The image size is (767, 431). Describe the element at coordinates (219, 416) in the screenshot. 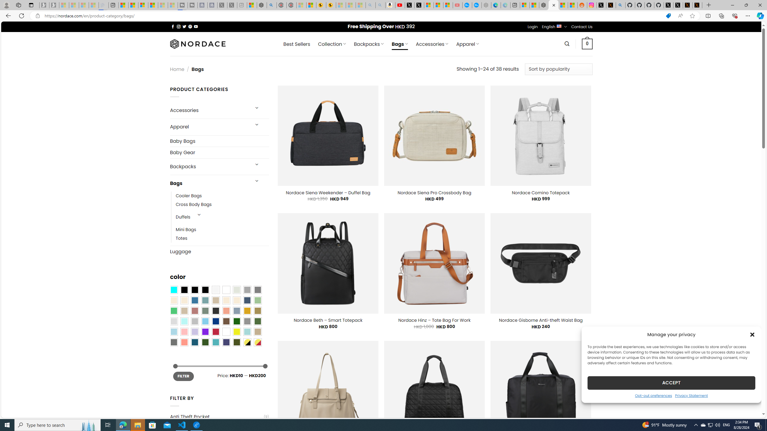

I see `'Anti Theft Pocket(9)'` at that location.